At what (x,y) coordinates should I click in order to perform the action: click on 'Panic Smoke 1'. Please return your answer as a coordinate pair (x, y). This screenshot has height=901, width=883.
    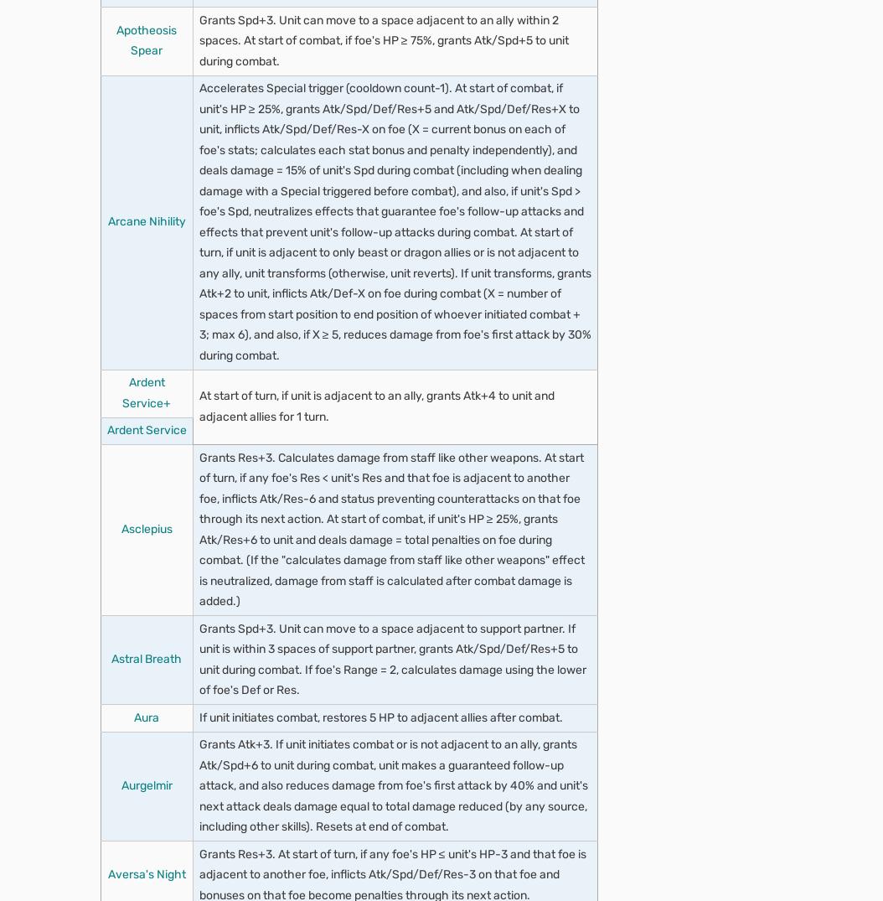
    Looking at the image, I should click on (174, 428).